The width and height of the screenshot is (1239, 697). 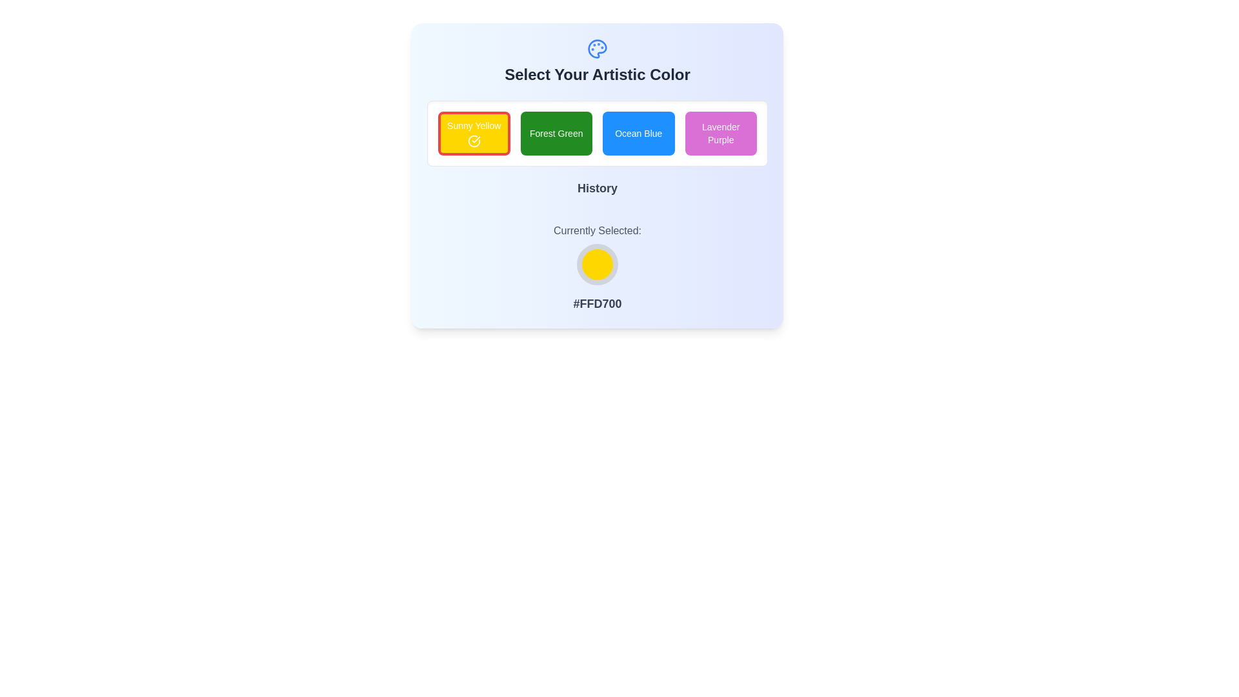 What do you see at coordinates (597, 74) in the screenshot?
I see `heading text 'Select Your Artistic Color' which is prominently styled in dark gray and positioned at the top of the interface, below the palette icon` at bounding box center [597, 74].